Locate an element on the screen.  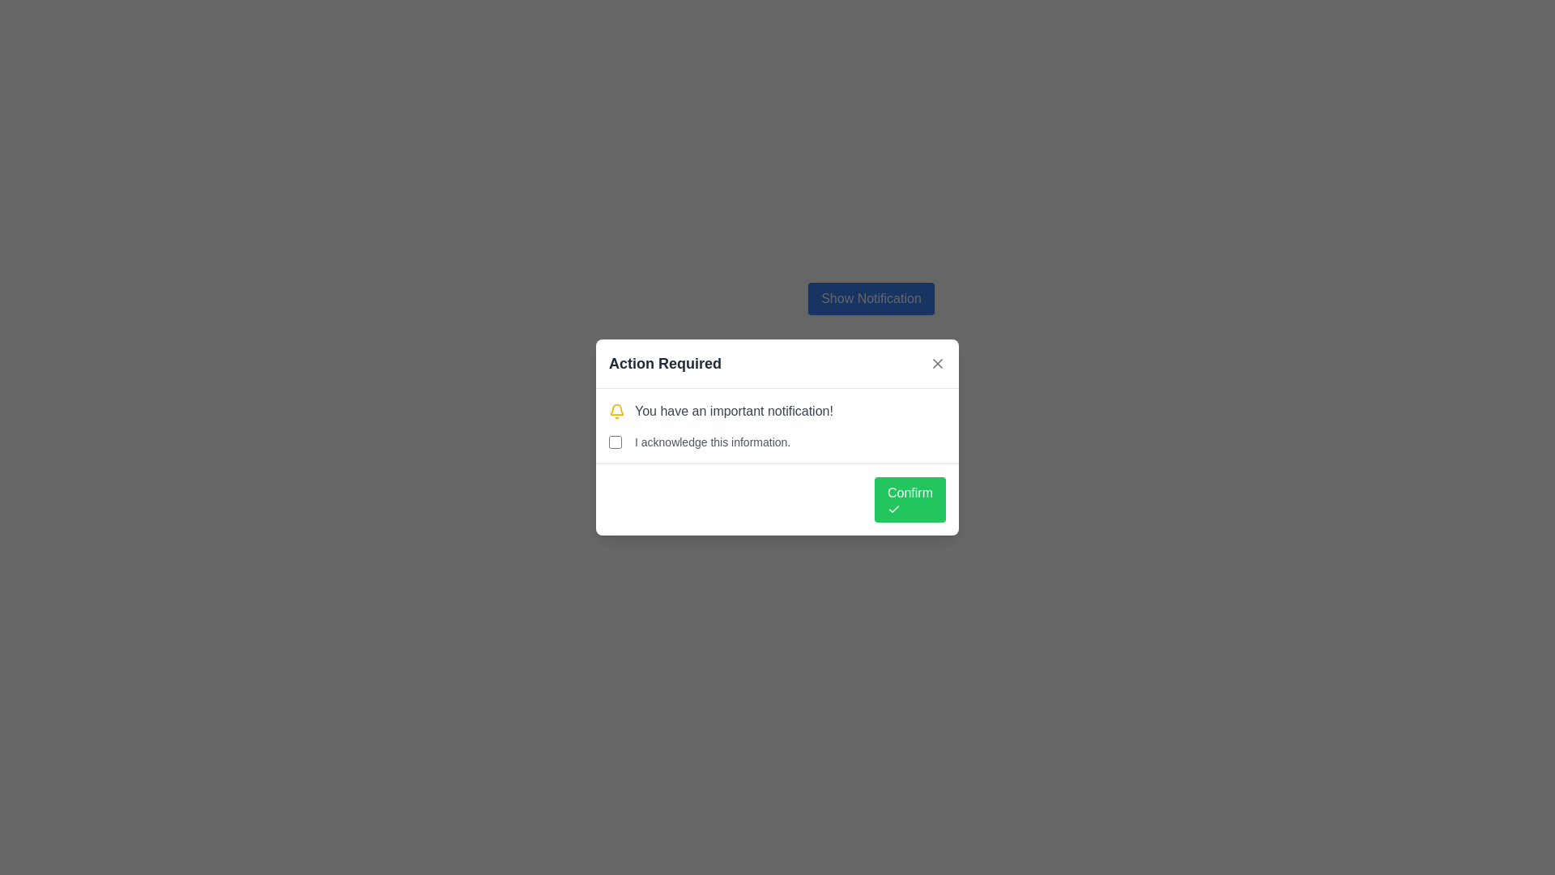
the static informative text displaying 'You have an important notification!' within the modal dialog box titled 'Action Required.' is located at coordinates (733, 411).